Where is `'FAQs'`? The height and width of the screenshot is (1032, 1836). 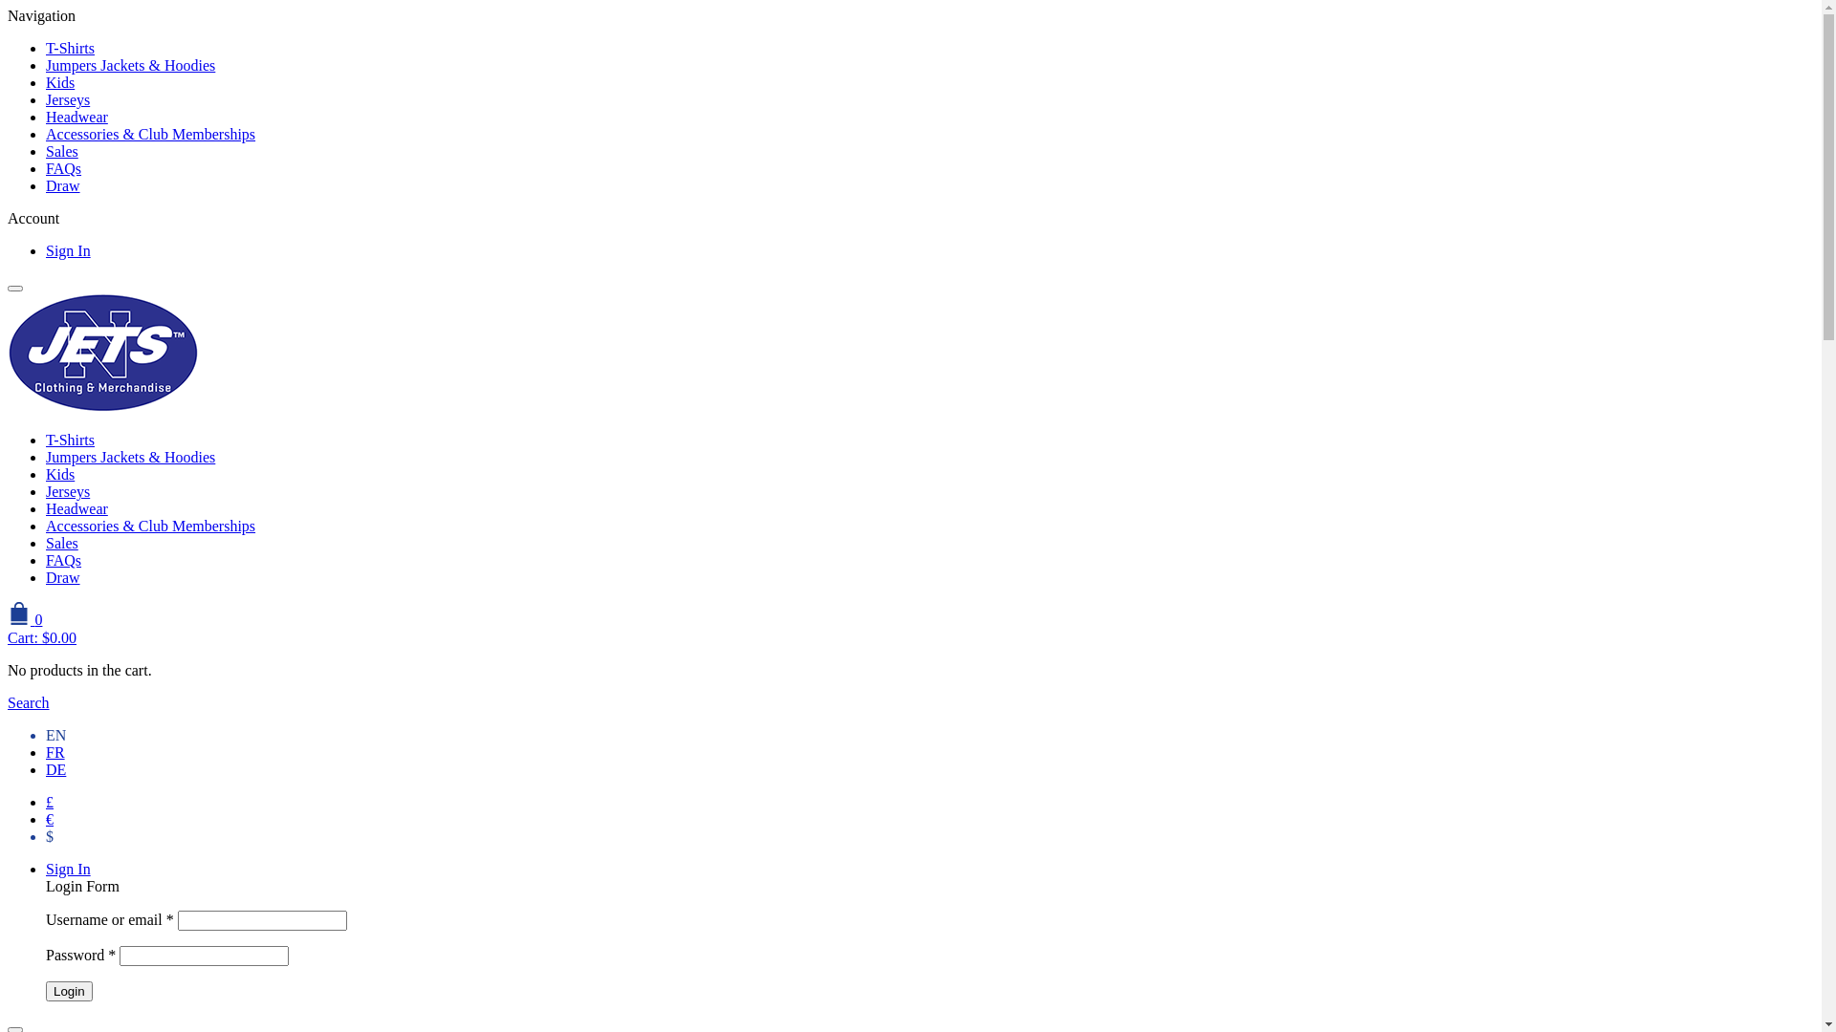 'FAQs' is located at coordinates (46, 167).